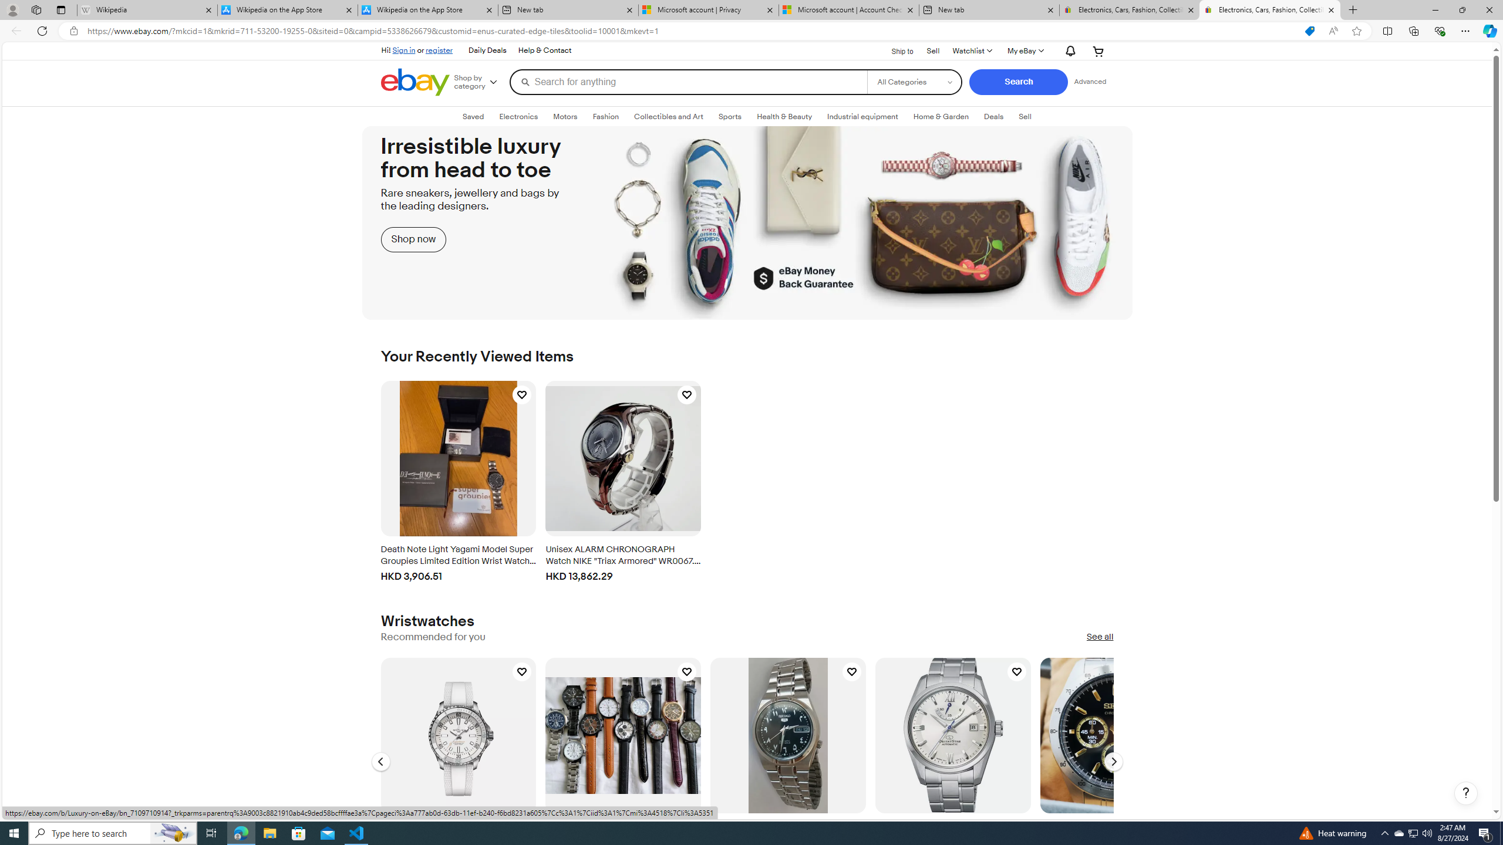 Image resolution: width=1503 pixels, height=845 pixels. I want to click on 'Ship to', so click(895, 51).